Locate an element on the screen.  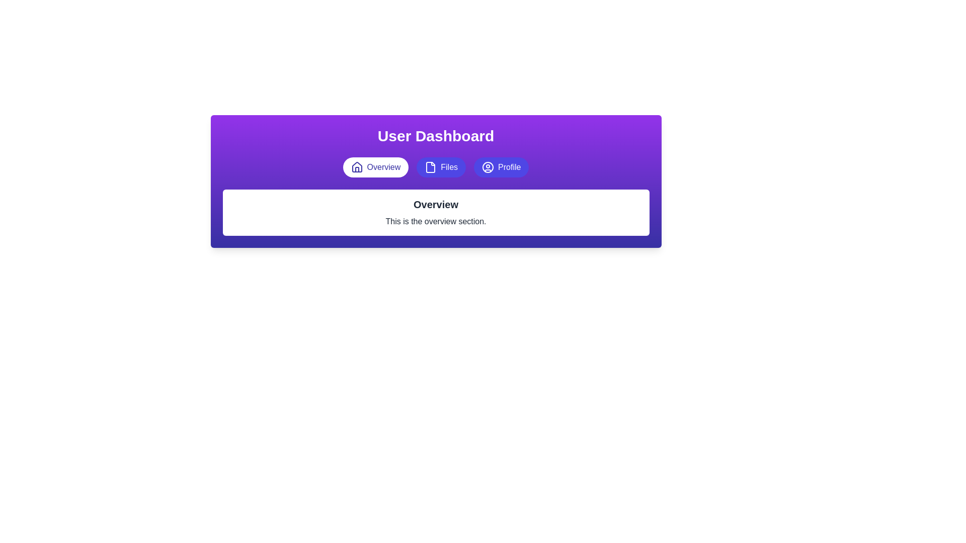
the 'Files' button, which is indigo with a document icon, to observe its visual state change is located at coordinates (441, 166).